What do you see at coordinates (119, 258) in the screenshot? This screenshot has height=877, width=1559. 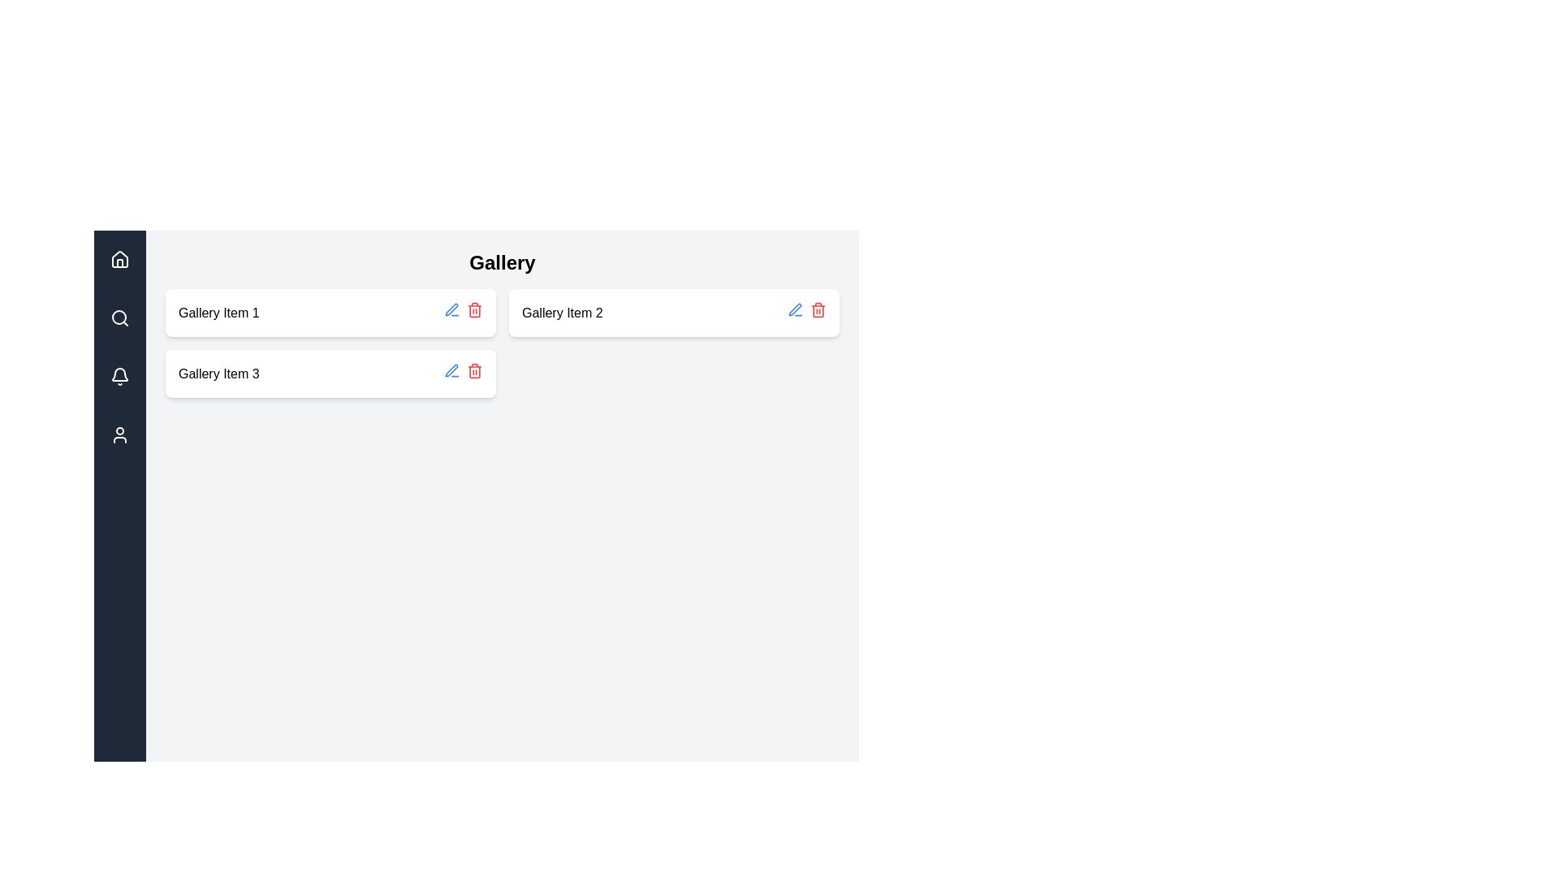 I see `the icon button located at the top of the vertical menu on the left side of the interface` at bounding box center [119, 258].